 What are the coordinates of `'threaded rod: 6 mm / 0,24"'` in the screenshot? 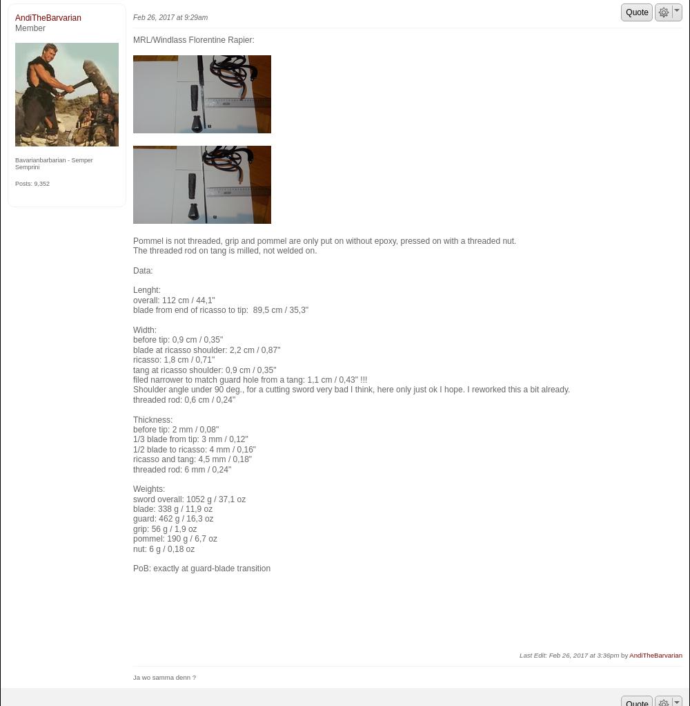 It's located at (182, 468).